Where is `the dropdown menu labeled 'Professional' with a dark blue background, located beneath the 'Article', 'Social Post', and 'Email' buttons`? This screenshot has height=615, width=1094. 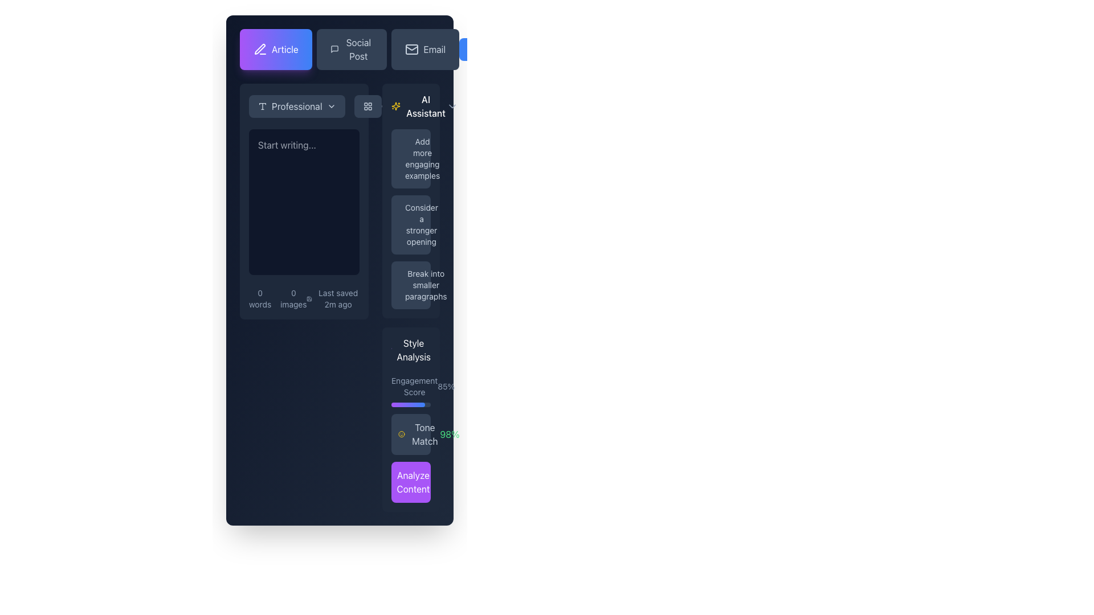 the dropdown menu labeled 'Professional' with a dark blue background, located beneath the 'Article', 'Social Post', and 'Email' buttons is located at coordinates (304, 106).